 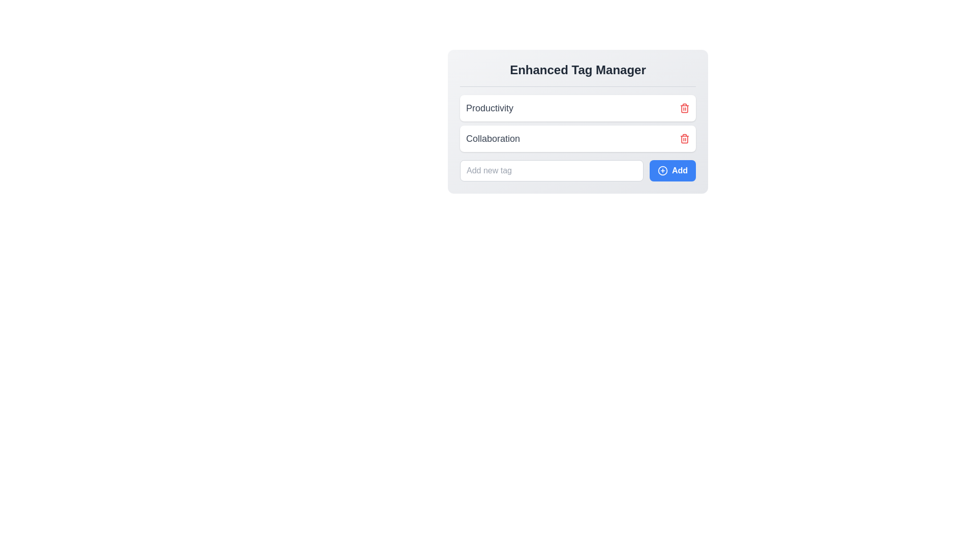 I want to click on the text label 'Add' which is part of a button with a blue background and a '+' icon to the left, so click(x=680, y=170).